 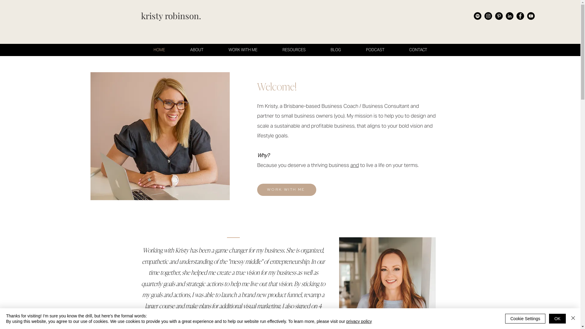 What do you see at coordinates (359, 321) in the screenshot?
I see `'privacy policy'` at bounding box center [359, 321].